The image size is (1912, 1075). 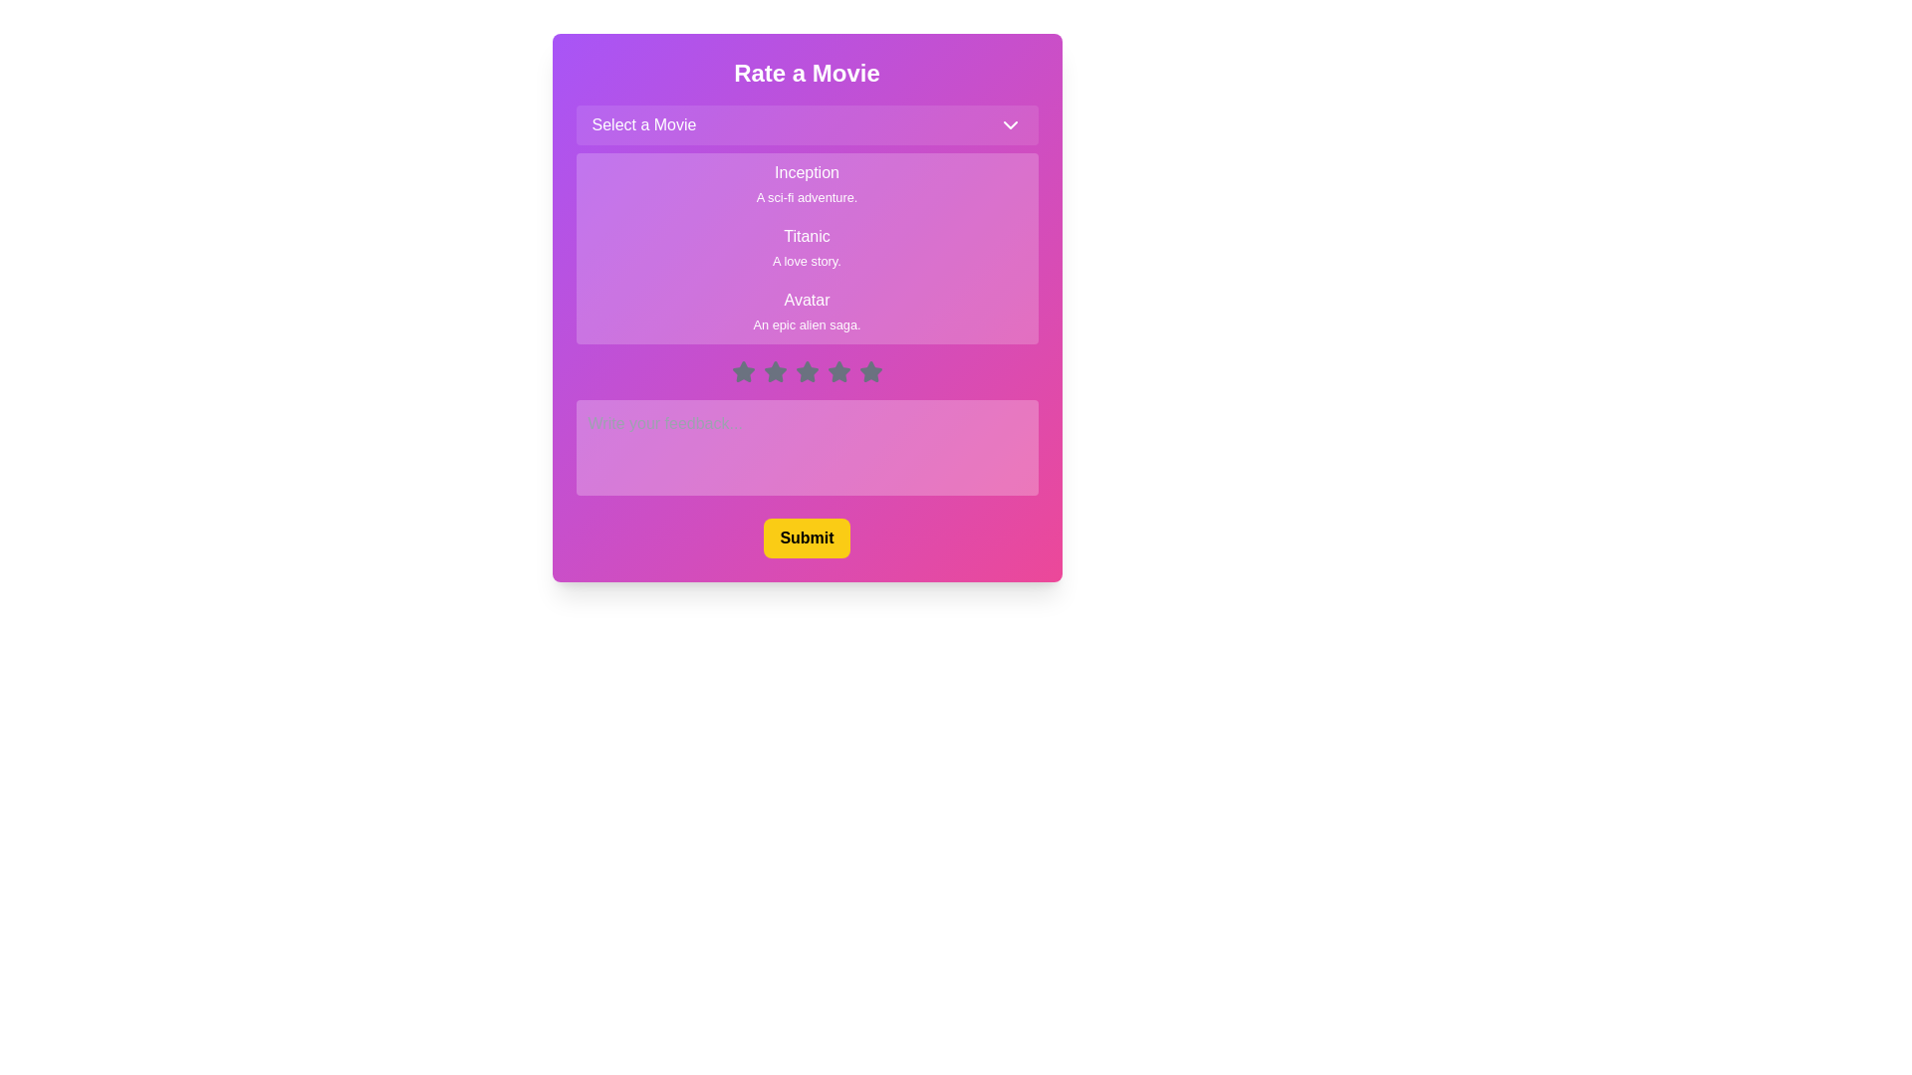 What do you see at coordinates (774, 371) in the screenshot?
I see `the second star icon in the rating system` at bounding box center [774, 371].